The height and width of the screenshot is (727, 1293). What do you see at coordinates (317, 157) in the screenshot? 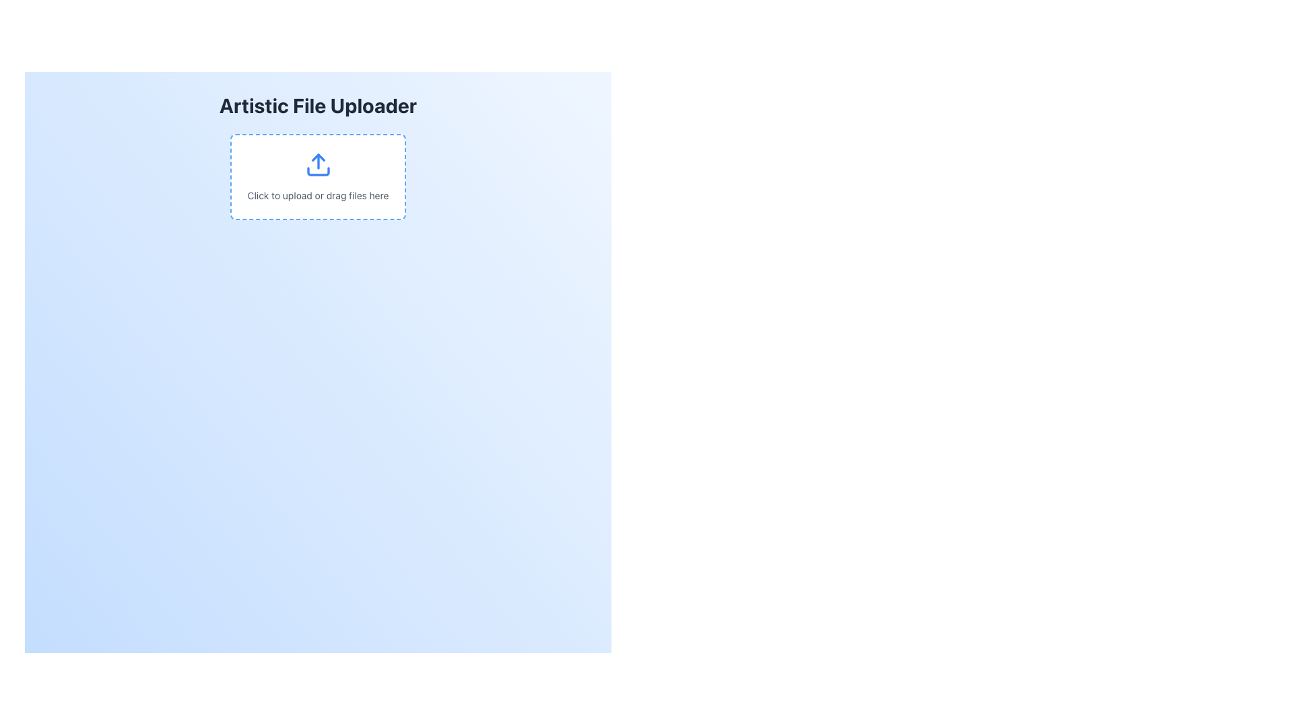
I see `the graphical icon component that represents the upward direction of the upload action, located at the top center of the upload area under the 'Artistic File Uploader' title` at bounding box center [317, 157].